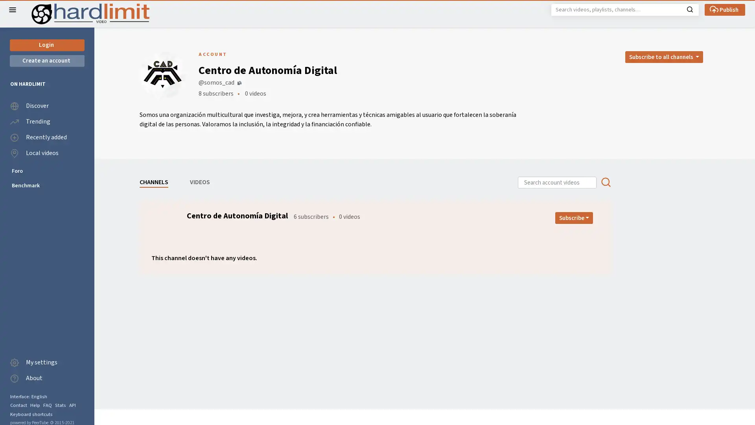 This screenshot has height=425, width=755. Describe the element at coordinates (28, 396) in the screenshot. I see `Interface: English` at that location.